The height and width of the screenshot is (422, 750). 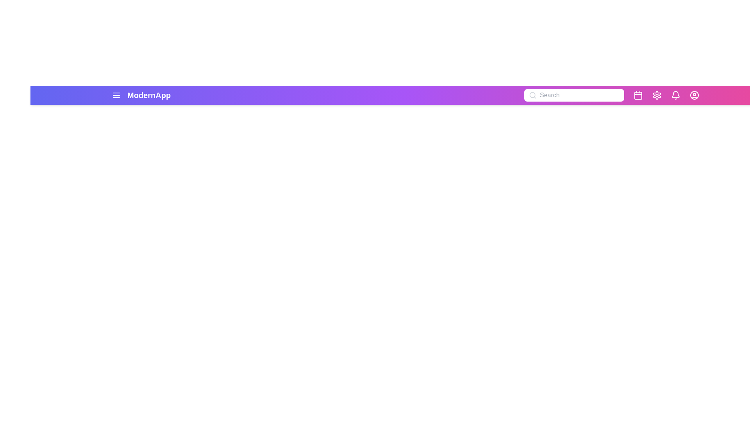 What do you see at coordinates (532, 95) in the screenshot?
I see `the search icon located on the left side of the search bar in the top navigation bar, which visually indicates the purpose of the adjacent input field for search queries` at bounding box center [532, 95].